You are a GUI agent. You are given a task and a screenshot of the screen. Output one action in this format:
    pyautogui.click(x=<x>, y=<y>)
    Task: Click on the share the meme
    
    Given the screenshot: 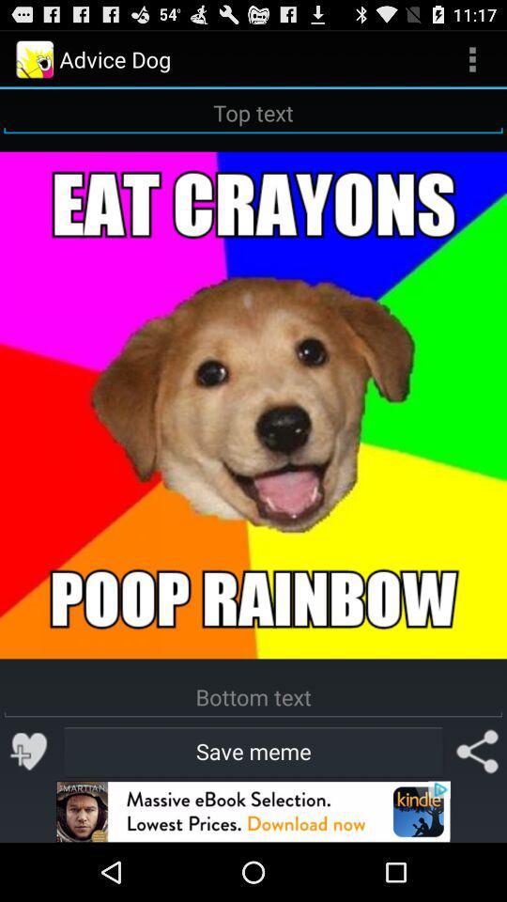 What is the action you would take?
    pyautogui.click(x=477, y=751)
    